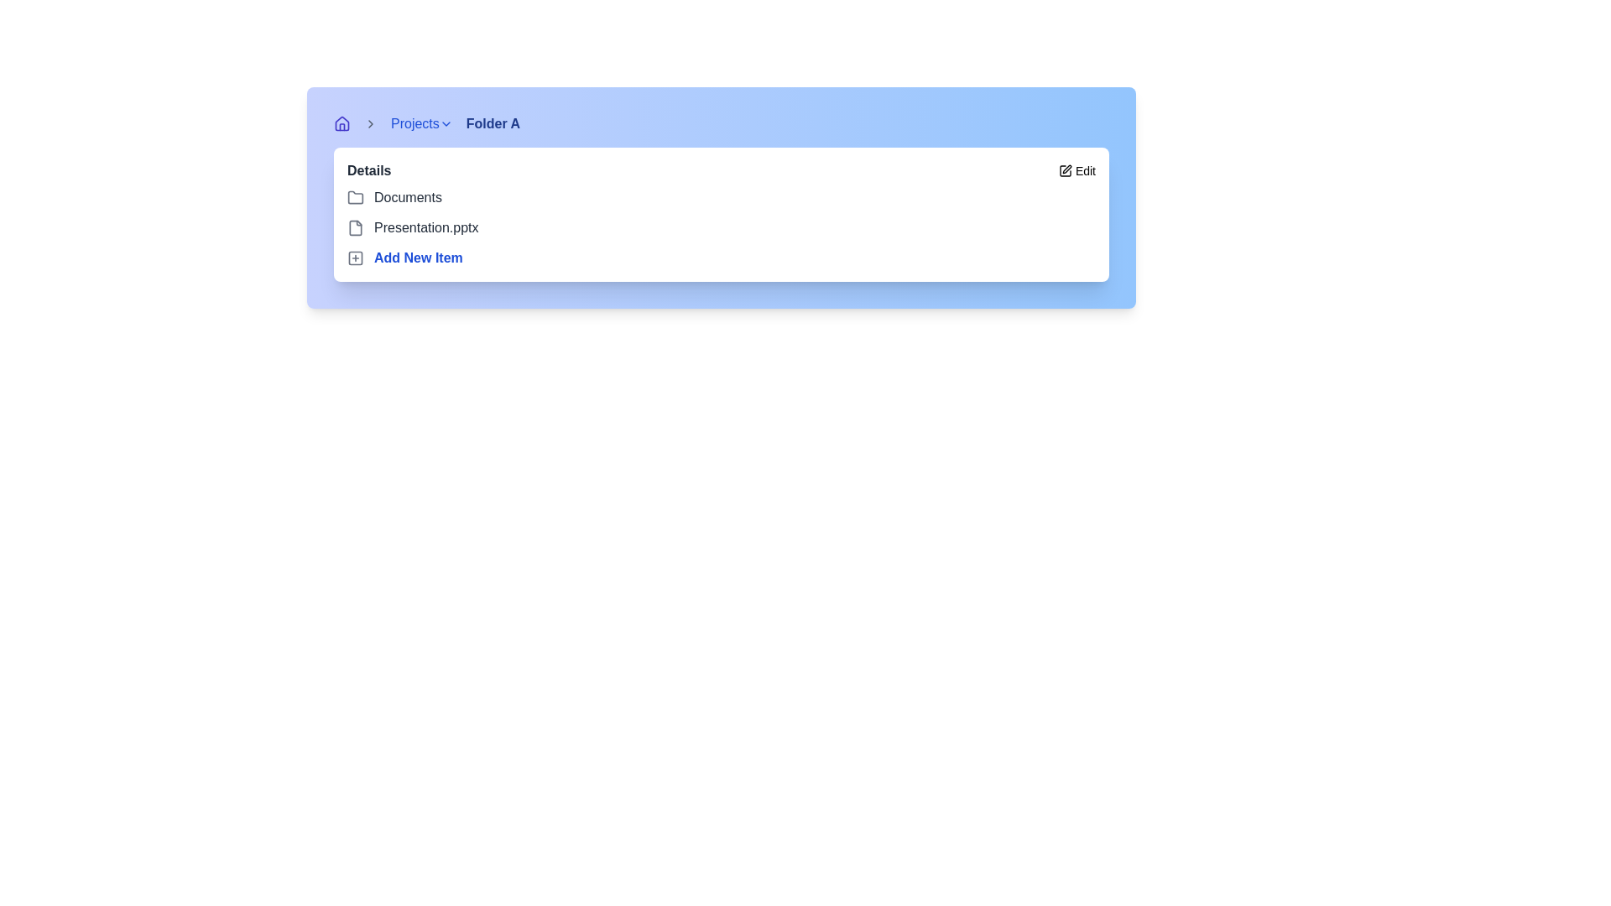 The image size is (1611, 906). What do you see at coordinates (421, 122) in the screenshot?
I see `the hyperlinked text in the breadcrumb navigation bar` at bounding box center [421, 122].